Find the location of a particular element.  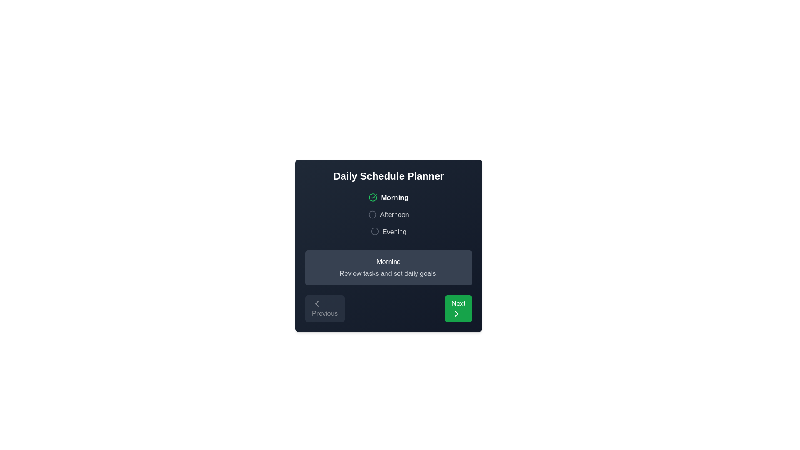

the SVG Circle representing the 'Evening' option in the radio button group for schedule periods is located at coordinates (375, 231).